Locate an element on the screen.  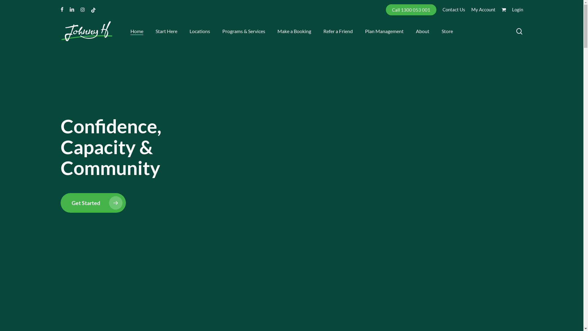
'Login' is located at coordinates (517, 9).